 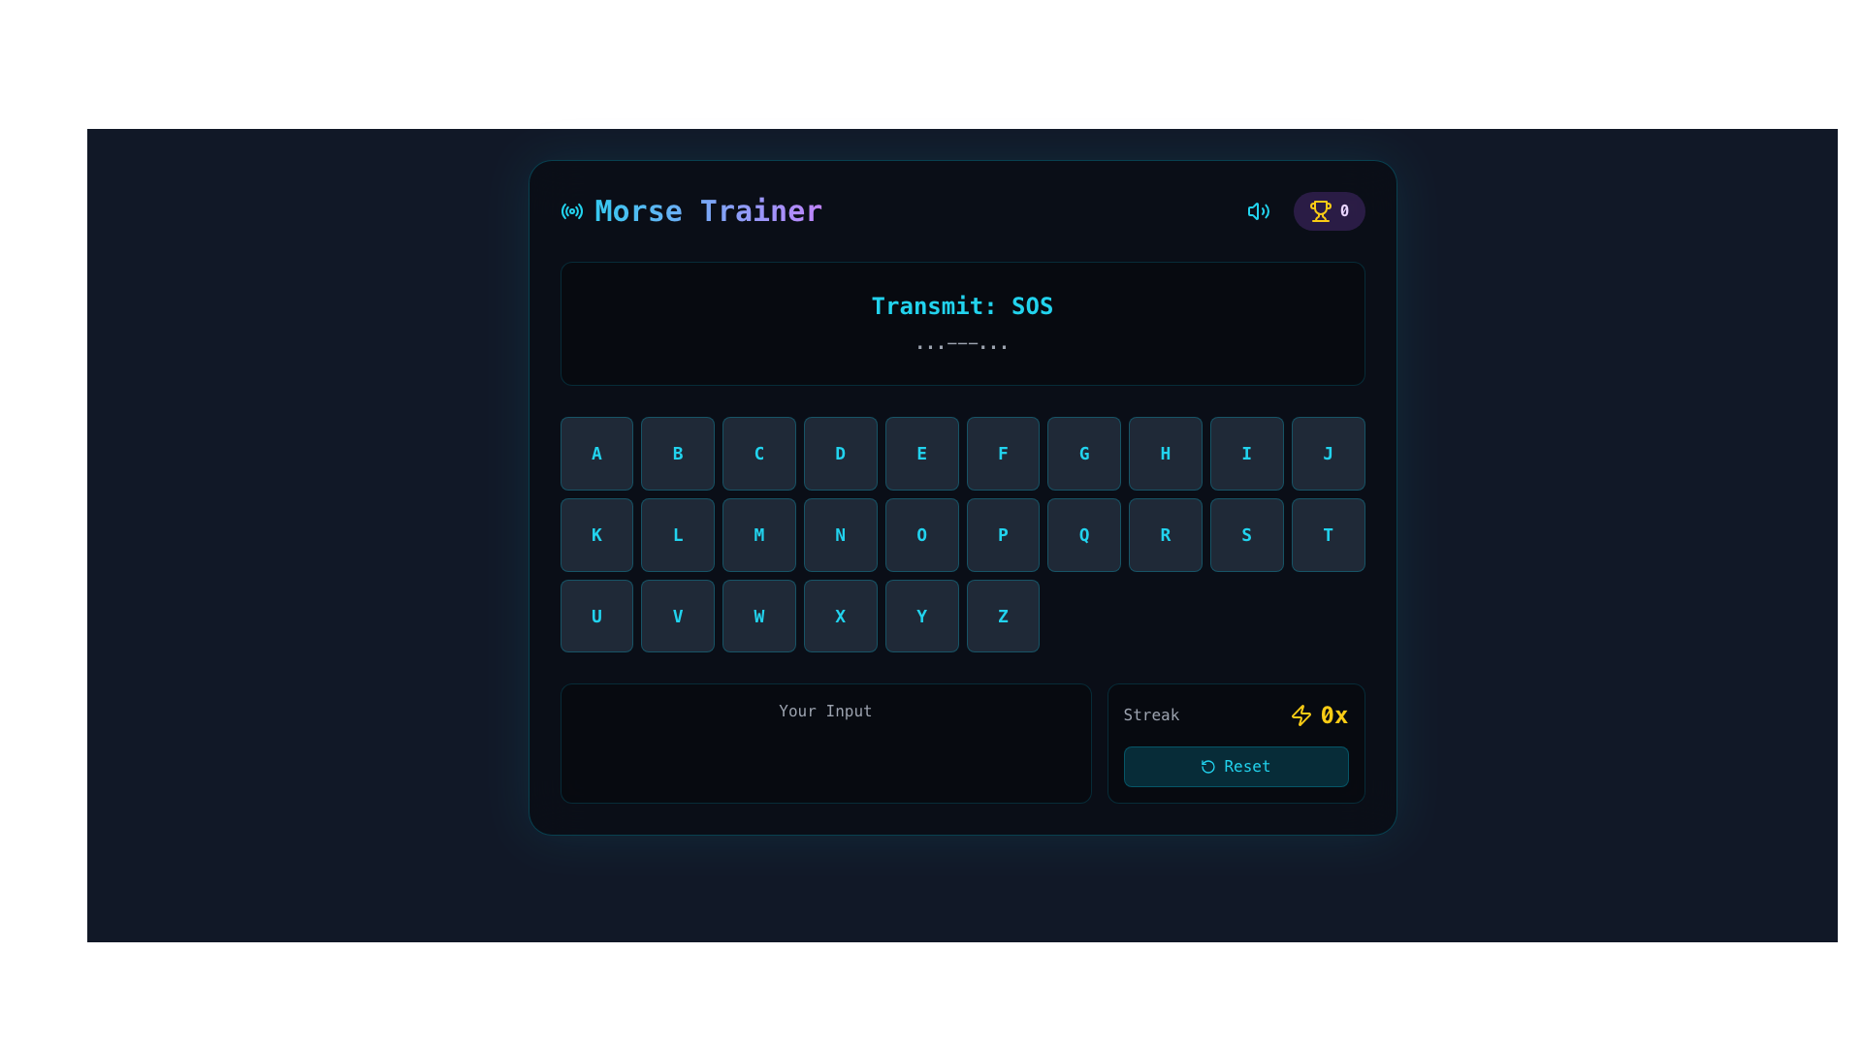 I want to click on the square-shaped button with a dark background and cyan-colored text 'M' in the center, so click(x=757, y=534).